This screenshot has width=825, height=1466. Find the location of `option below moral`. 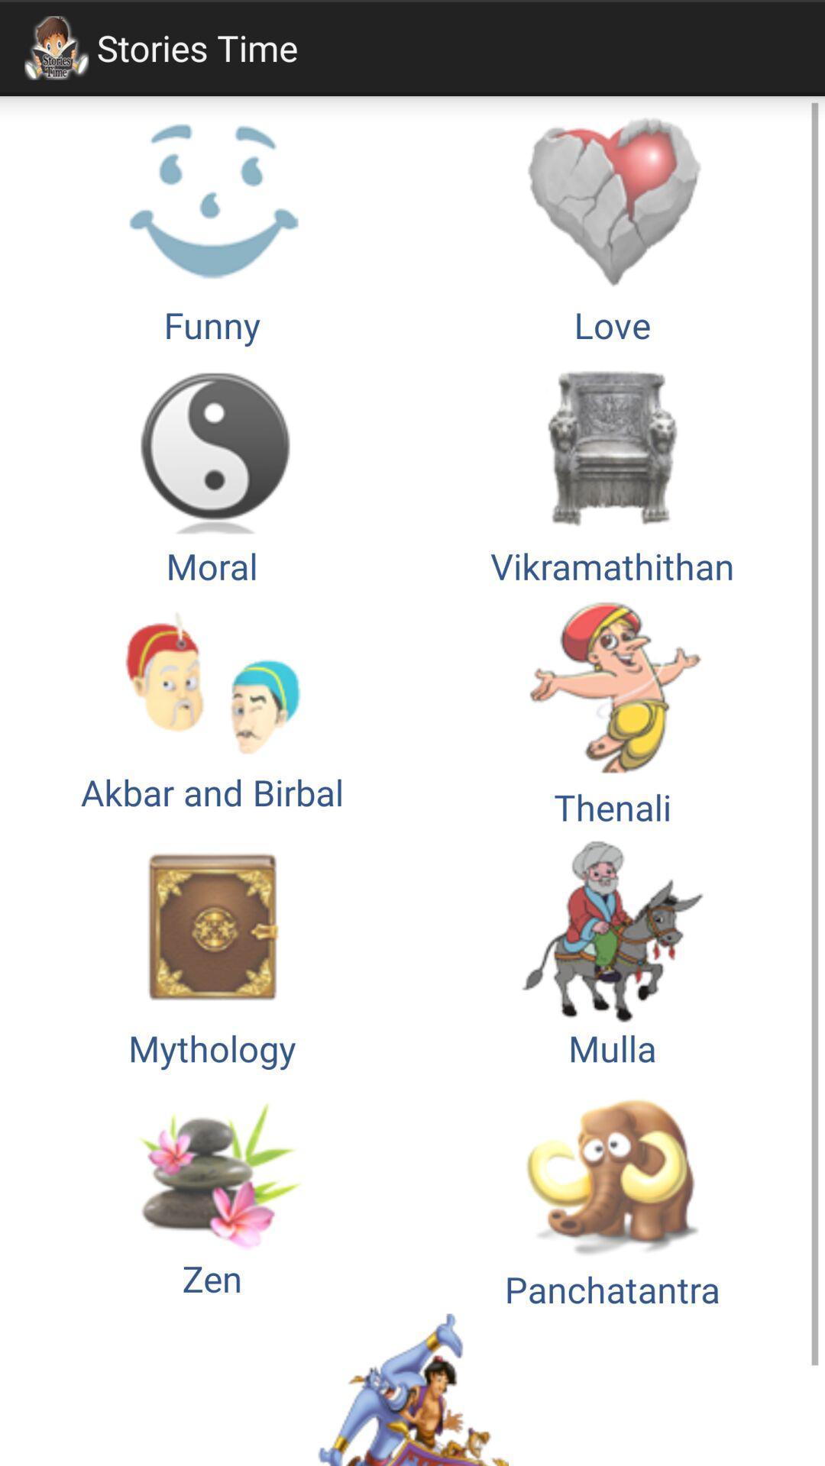

option below moral is located at coordinates (212, 710).